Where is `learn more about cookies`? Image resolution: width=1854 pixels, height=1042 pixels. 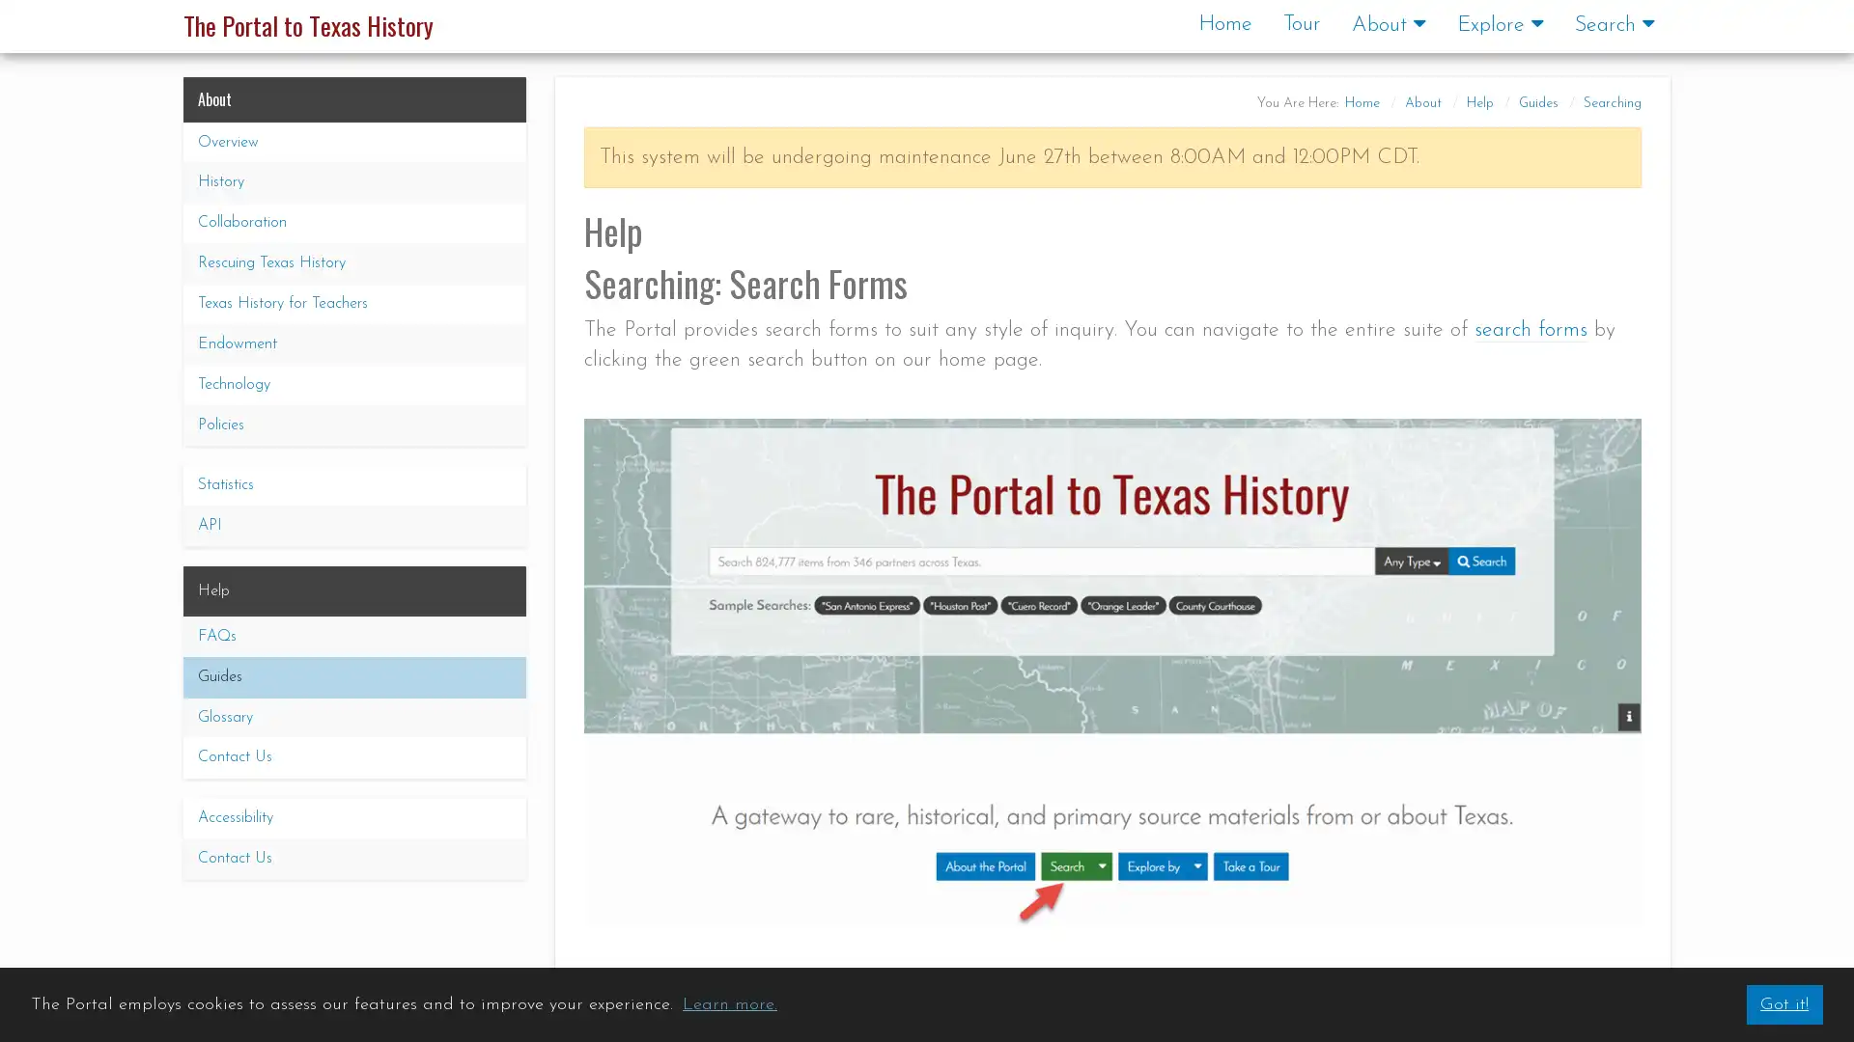 learn more about cookies is located at coordinates (728, 1003).